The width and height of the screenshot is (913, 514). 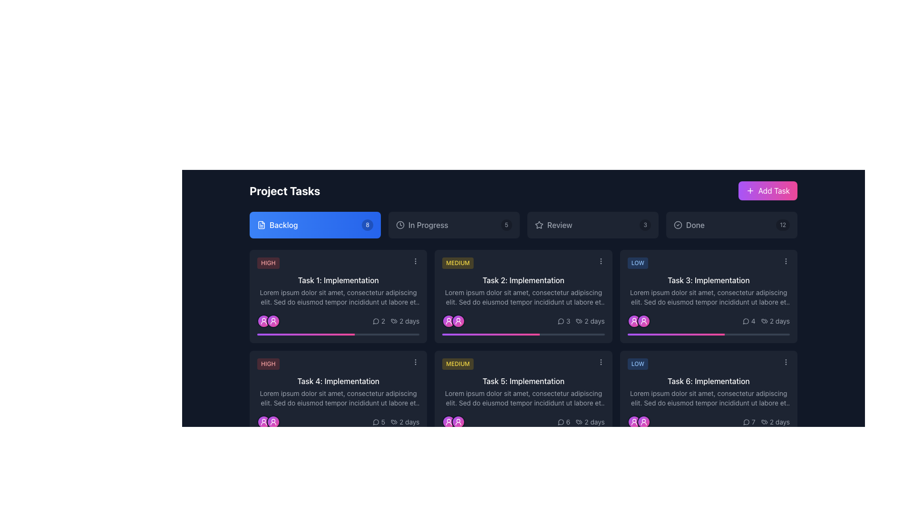 I want to click on the text label displaying '2 days' which is styled in light gray font and has an icon resembling two overlapping tags to its left, positioned in the second card of the lower row in a grid layout, so click(x=590, y=422).